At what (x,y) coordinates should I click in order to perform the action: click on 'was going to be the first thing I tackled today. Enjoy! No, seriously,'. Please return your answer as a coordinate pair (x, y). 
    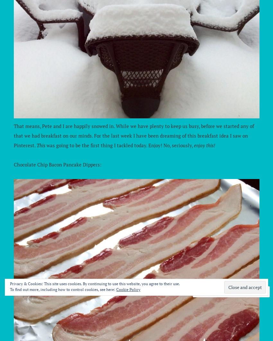
    Looking at the image, I should click on (119, 145).